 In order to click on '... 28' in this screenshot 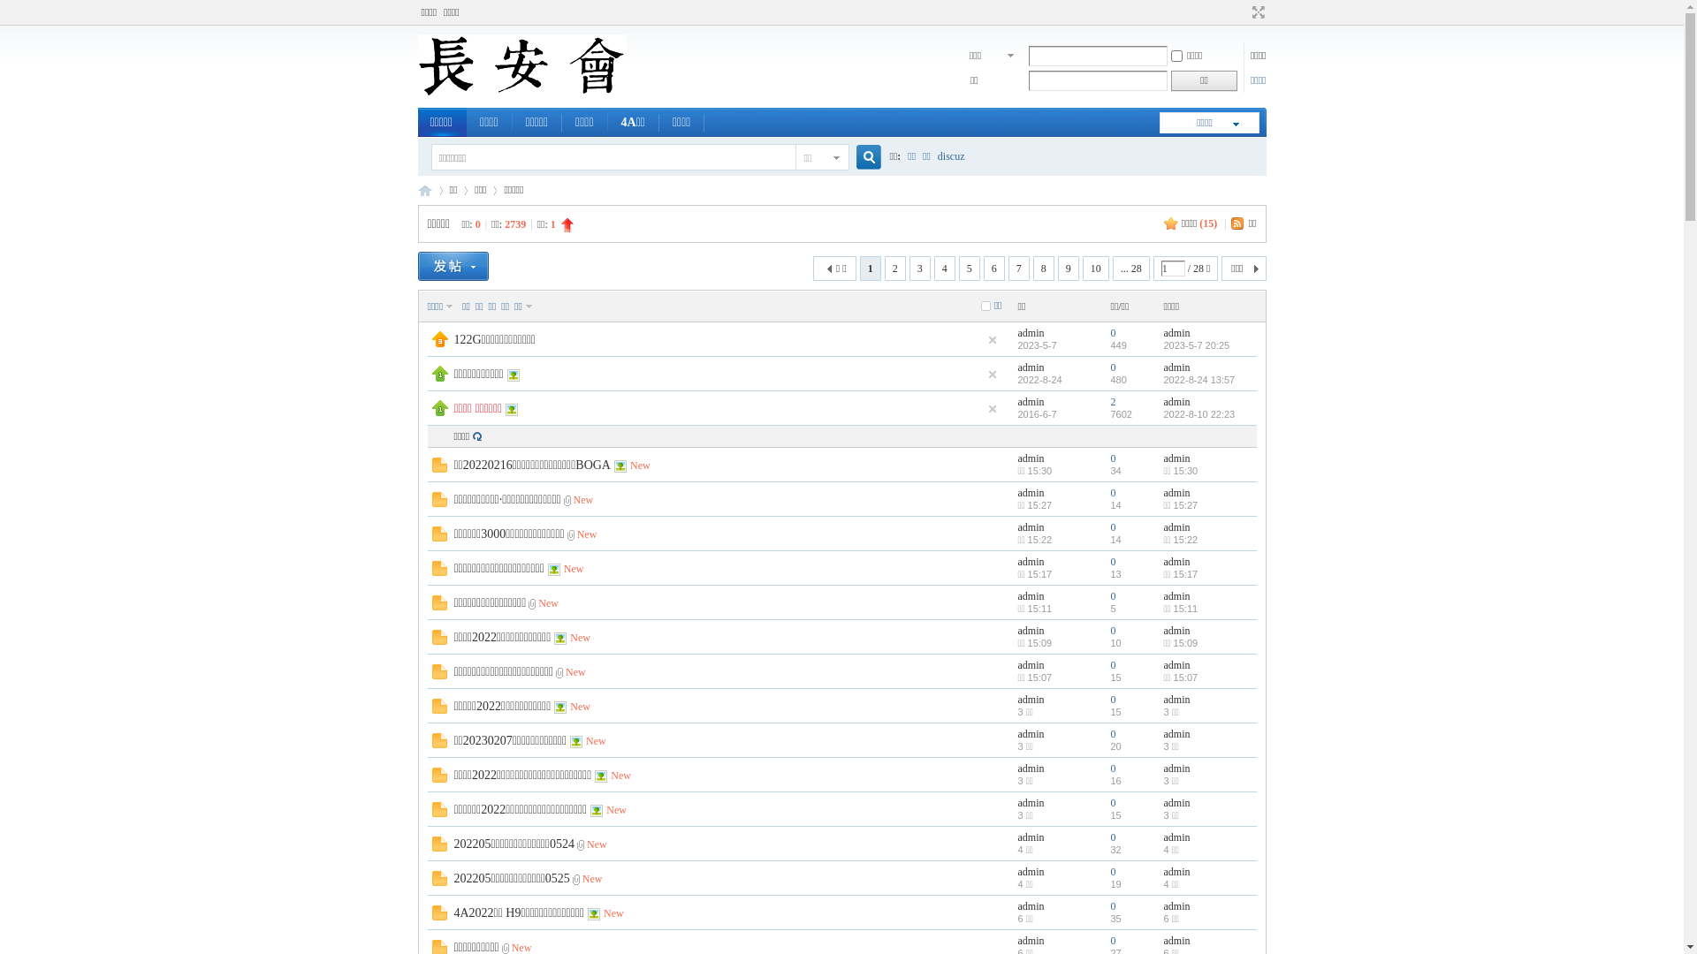, I will do `click(1131, 269)`.